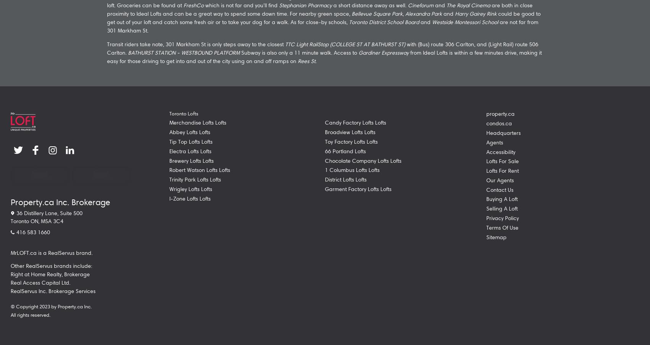  What do you see at coordinates (190, 150) in the screenshot?
I see `'Electra Lofts lofts'` at bounding box center [190, 150].